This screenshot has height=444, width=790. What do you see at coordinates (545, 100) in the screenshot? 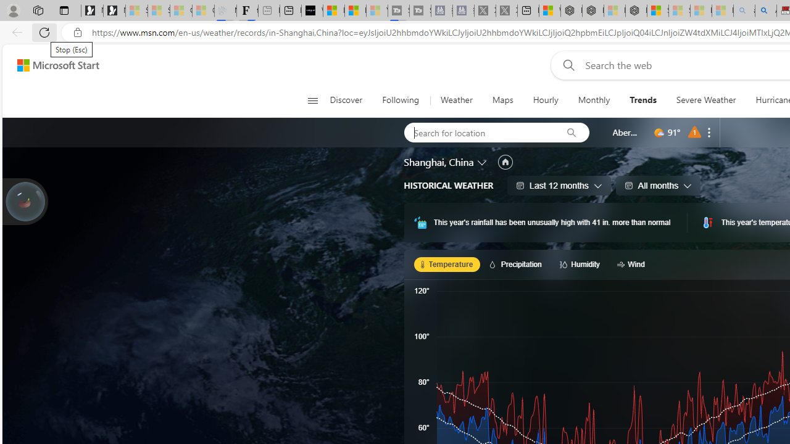
I see `'Hourly'` at bounding box center [545, 100].